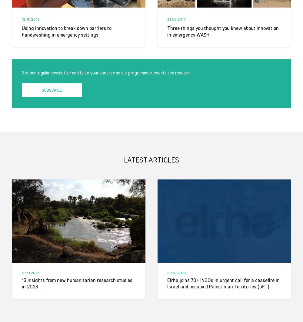 This screenshot has width=303, height=322. Describe the element at coordinates (124, 159) in the screenshot. I see `'Latest Articles'` at that location.